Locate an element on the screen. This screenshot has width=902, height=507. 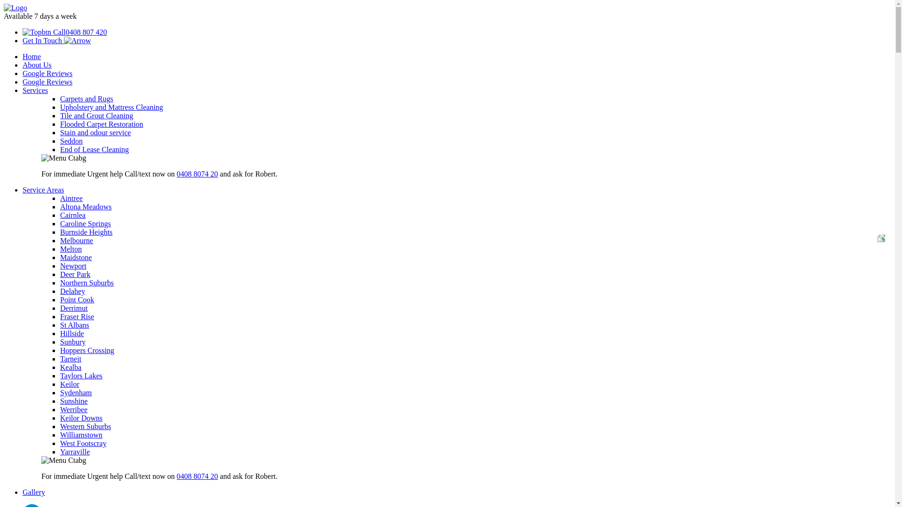
'Northern Suburbs' is located at coordinates (87, 282).